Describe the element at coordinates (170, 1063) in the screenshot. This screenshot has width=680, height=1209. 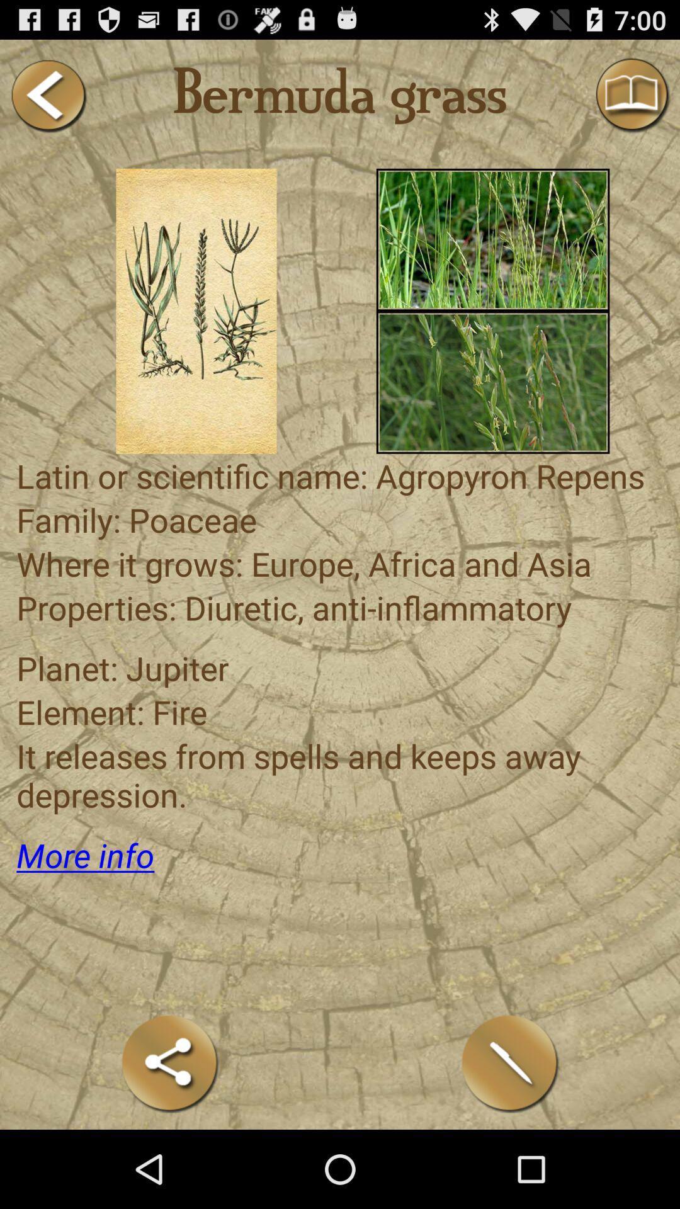
I see `choose the share option` at that location.